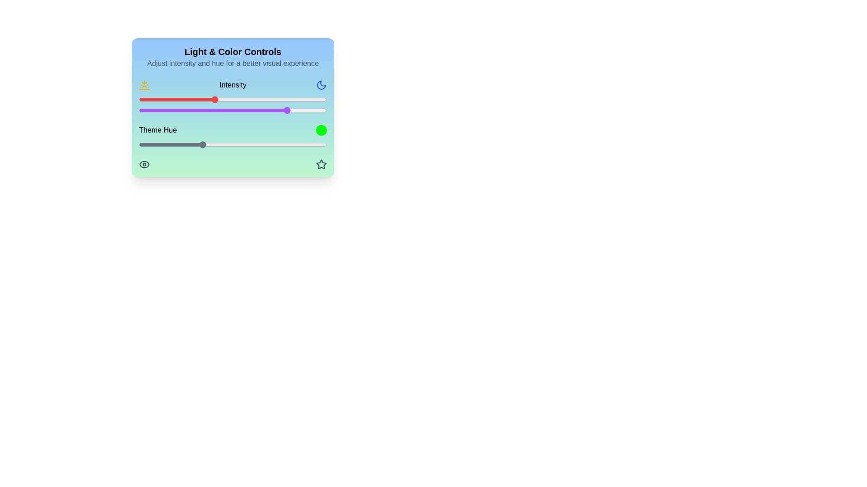 Image resolution: width=867 pixels, height=487 pixels. What do you see at coordinates (237, 110) in the screenshot?
I see `the slider value` at bounding box center [237, 110].